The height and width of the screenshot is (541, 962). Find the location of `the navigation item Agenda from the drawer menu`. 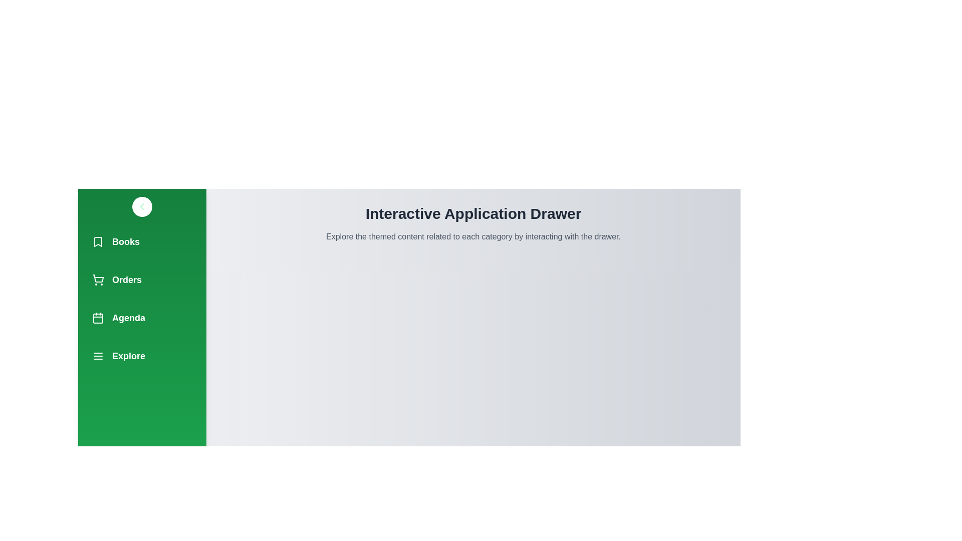

the navigation item Agenda from the drawer menu is located at coordinates (141, 318).